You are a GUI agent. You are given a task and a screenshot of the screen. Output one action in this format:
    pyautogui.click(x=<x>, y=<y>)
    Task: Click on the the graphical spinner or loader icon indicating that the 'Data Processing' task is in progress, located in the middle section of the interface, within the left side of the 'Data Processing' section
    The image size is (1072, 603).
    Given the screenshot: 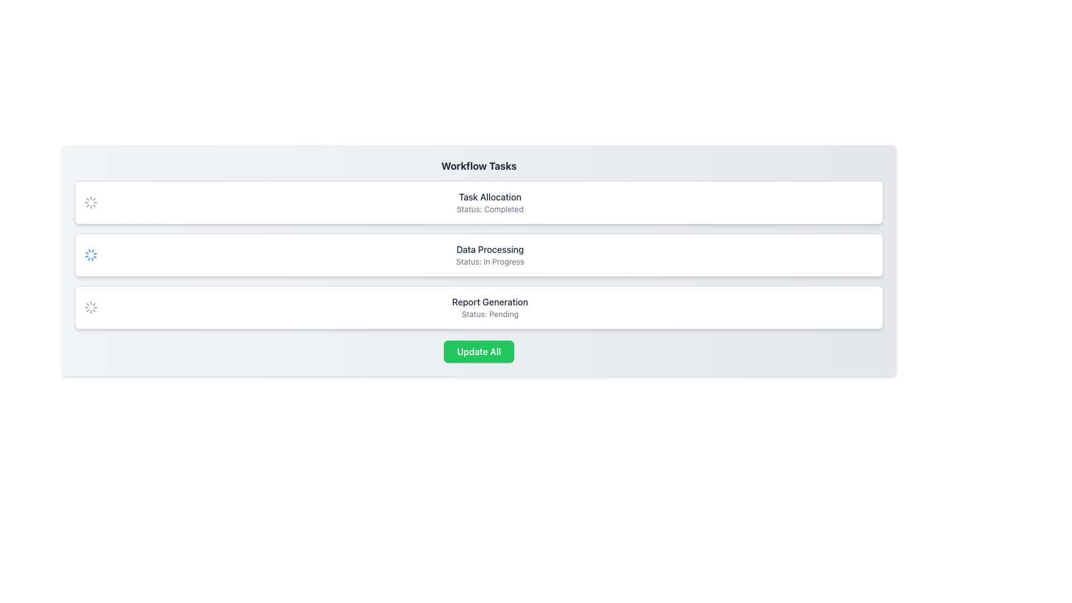 What is the action you would take?
    pyautogui.click(x=91, y=255)
    